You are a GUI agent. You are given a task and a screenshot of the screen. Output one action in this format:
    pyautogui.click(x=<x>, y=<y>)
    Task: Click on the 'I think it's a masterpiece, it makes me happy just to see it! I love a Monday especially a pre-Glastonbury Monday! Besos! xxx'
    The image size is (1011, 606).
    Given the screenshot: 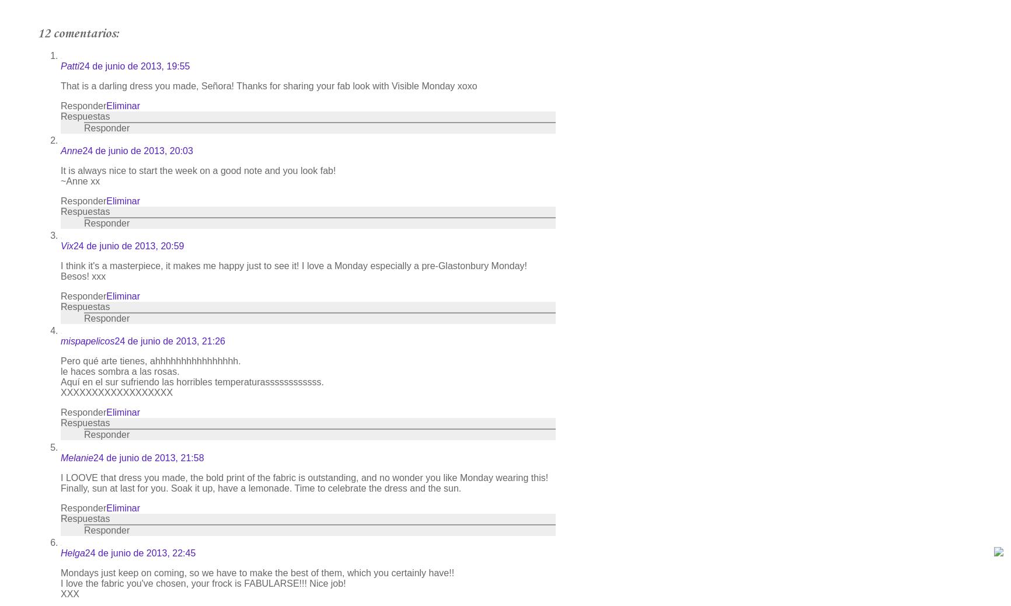 What is the action you would take?
    pyautogui.click(x=293, y=271)
    